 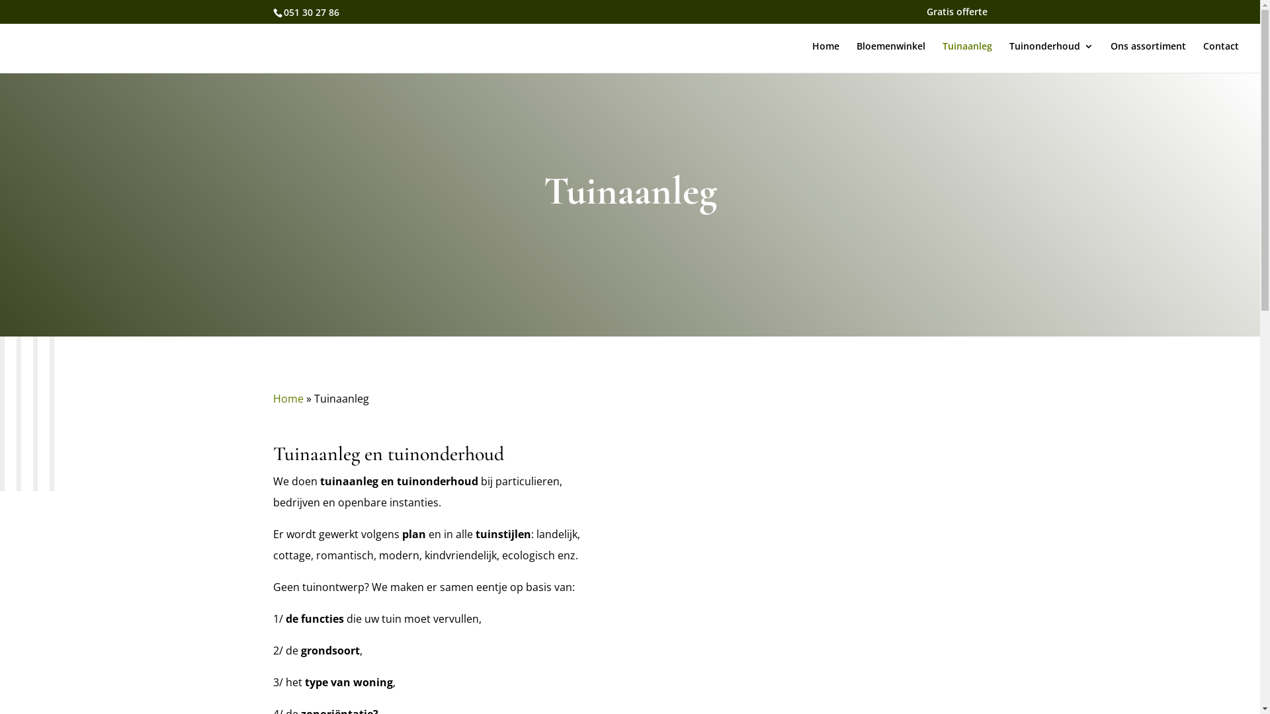 I want to click on 'Bloemenwinkel', so click(x=891, y=56).